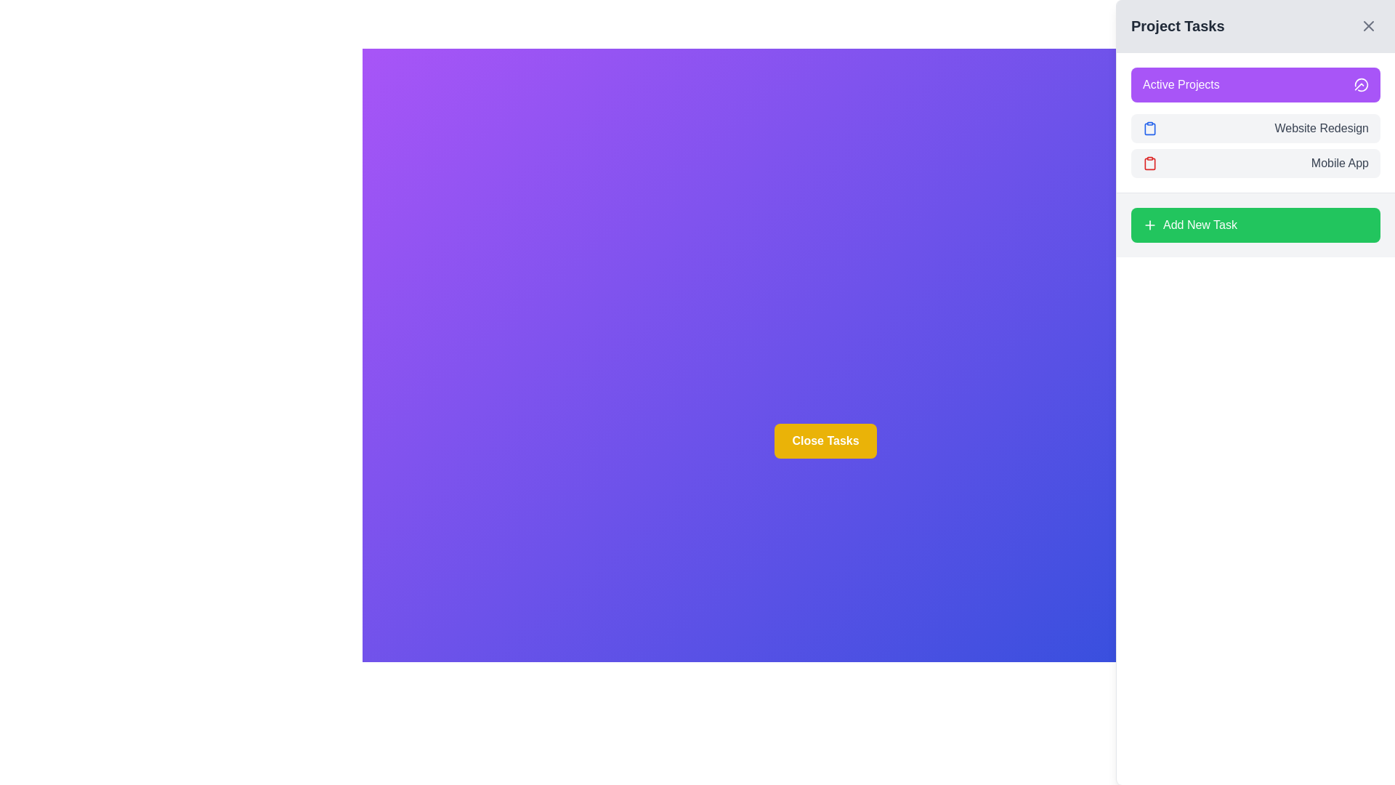 This screenshot has height=785, width=1395. I want to click on the small 'X' close button located in the top-right corner of the 'Project Tasks' header to change its shade, so click(1367, 25).